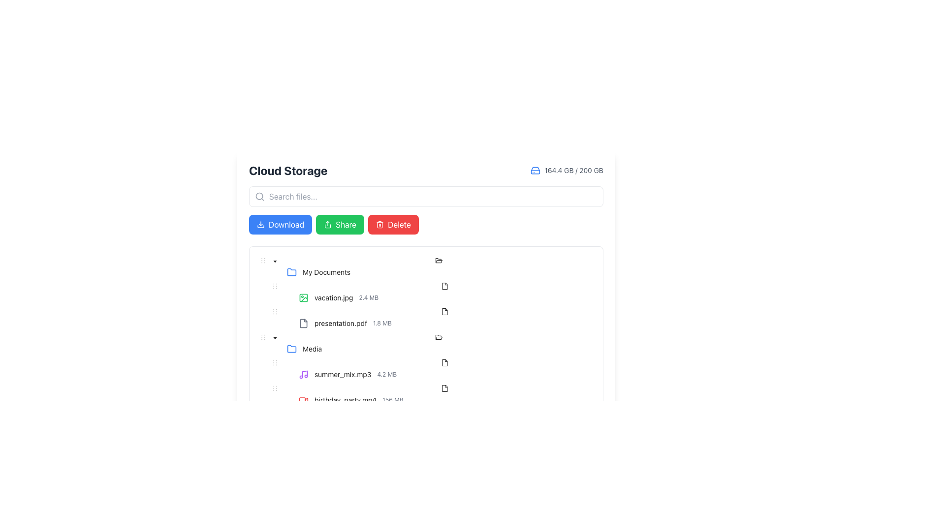  I want to click on the 'Delete' button in the button group located below the file search bar in the 'Cloud Storage' section, so click(426, 224).